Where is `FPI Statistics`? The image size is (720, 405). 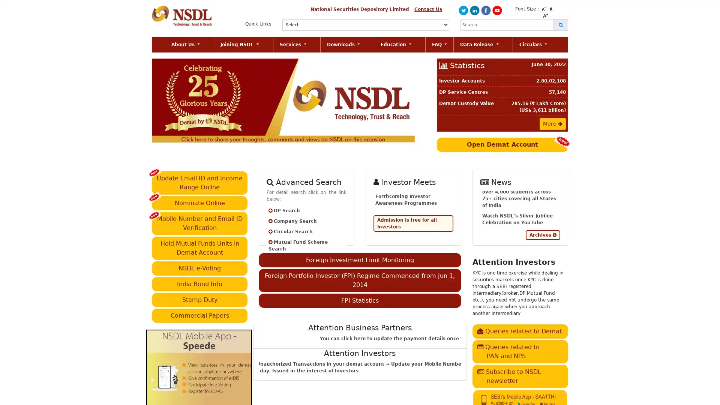 FPI Statistics is located at coordinates (359, 300).